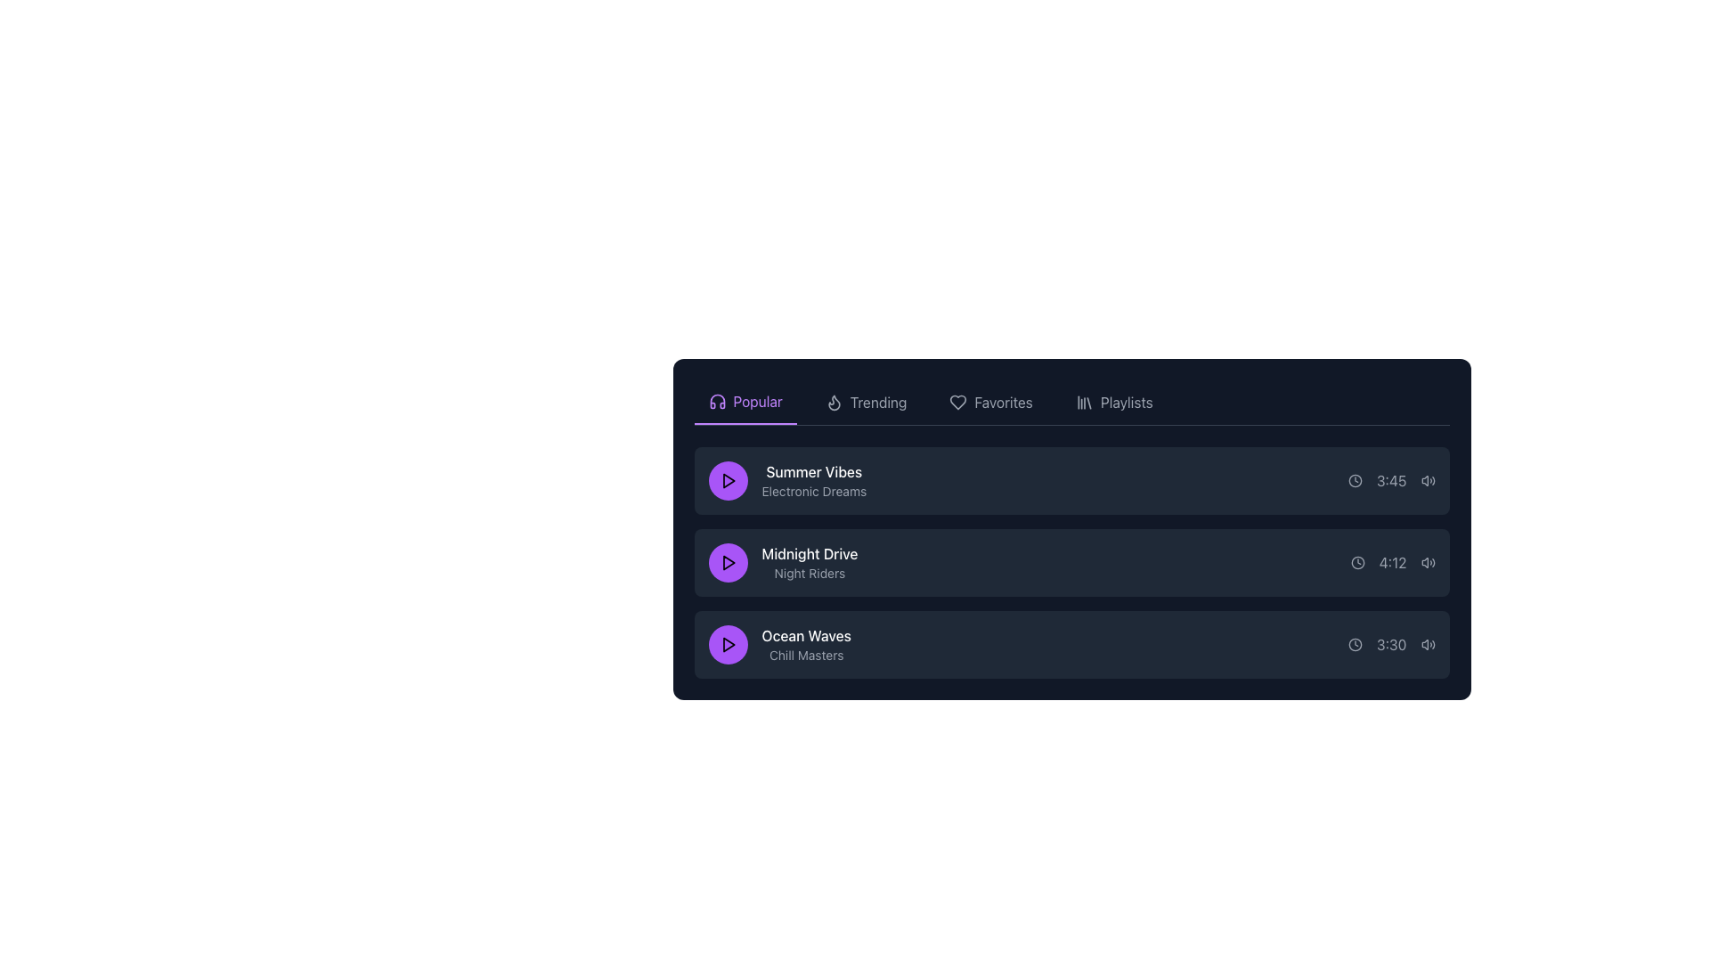  What do you see at coordinates (1087, 403) in the screenshot?
I see `the line segment of the library icon located in the 'Playlists' tab header at the top-right of the interface` at bounding box center [1087, 403].